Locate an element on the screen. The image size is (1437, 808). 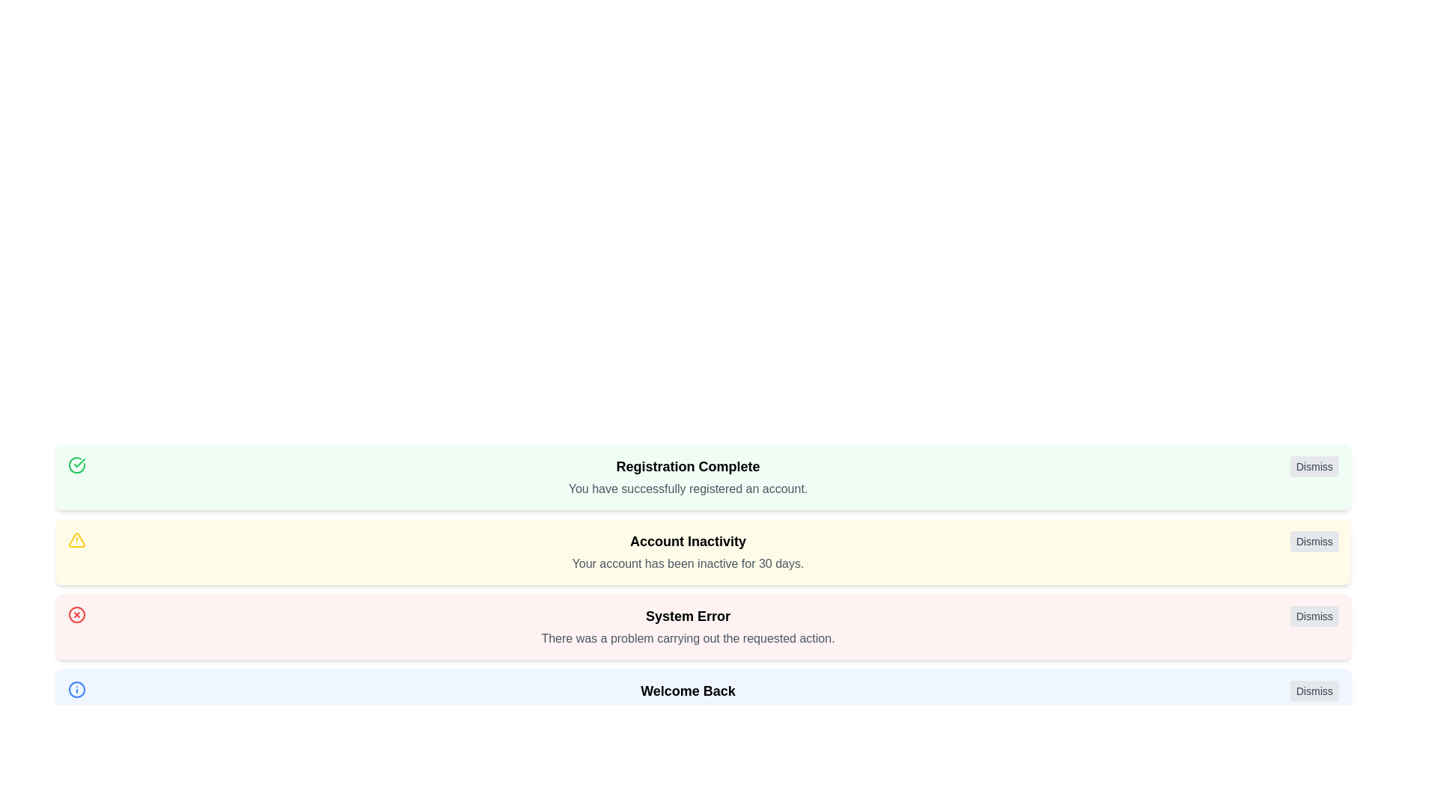
the Header or Title element that indicates successful registration in the notification card is located at coordinates (687, 466).